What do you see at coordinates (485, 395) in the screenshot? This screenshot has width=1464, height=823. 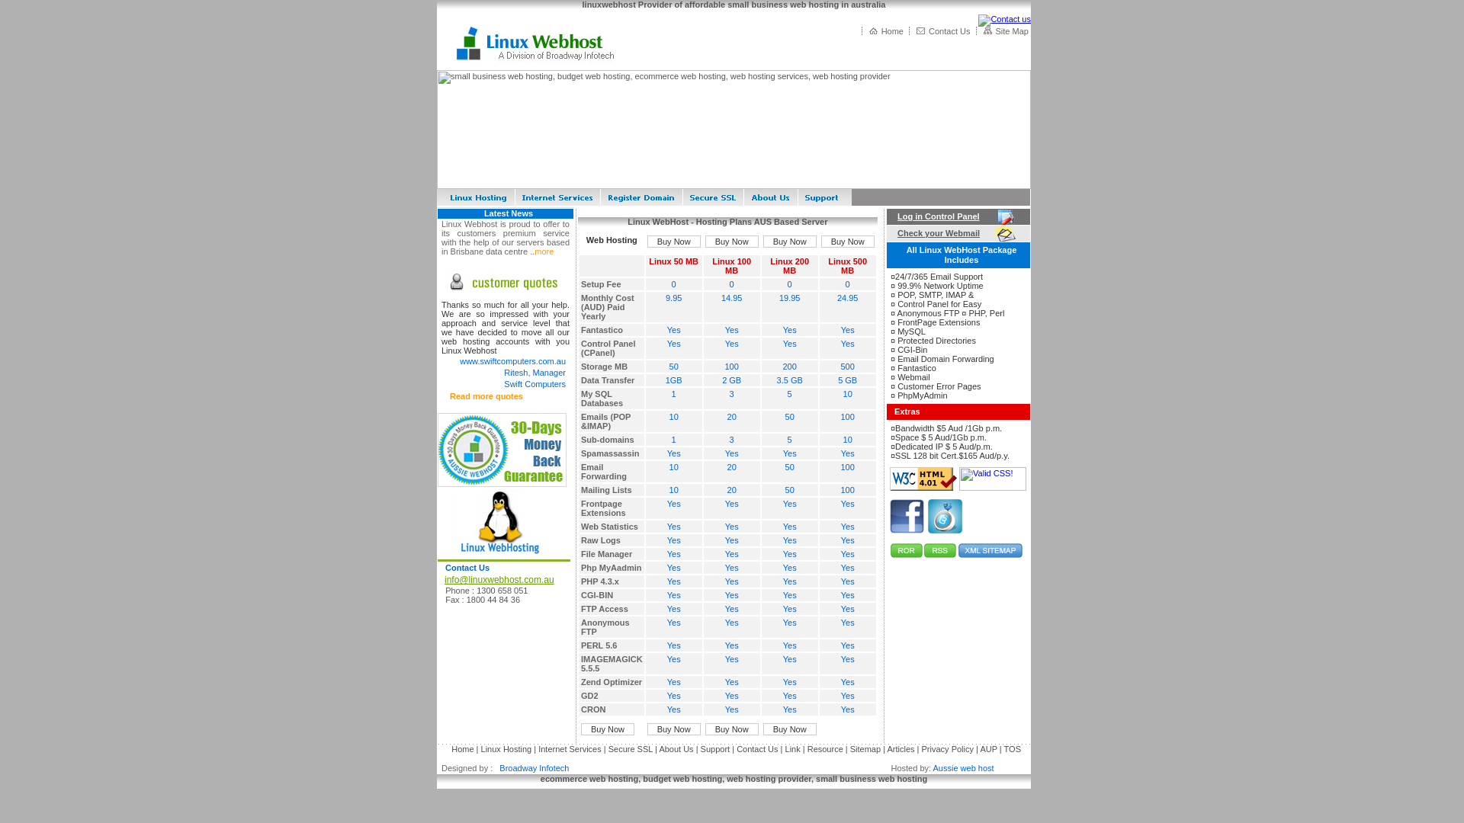 I see `'Read more quotes'` at bounding box center [485, 395].